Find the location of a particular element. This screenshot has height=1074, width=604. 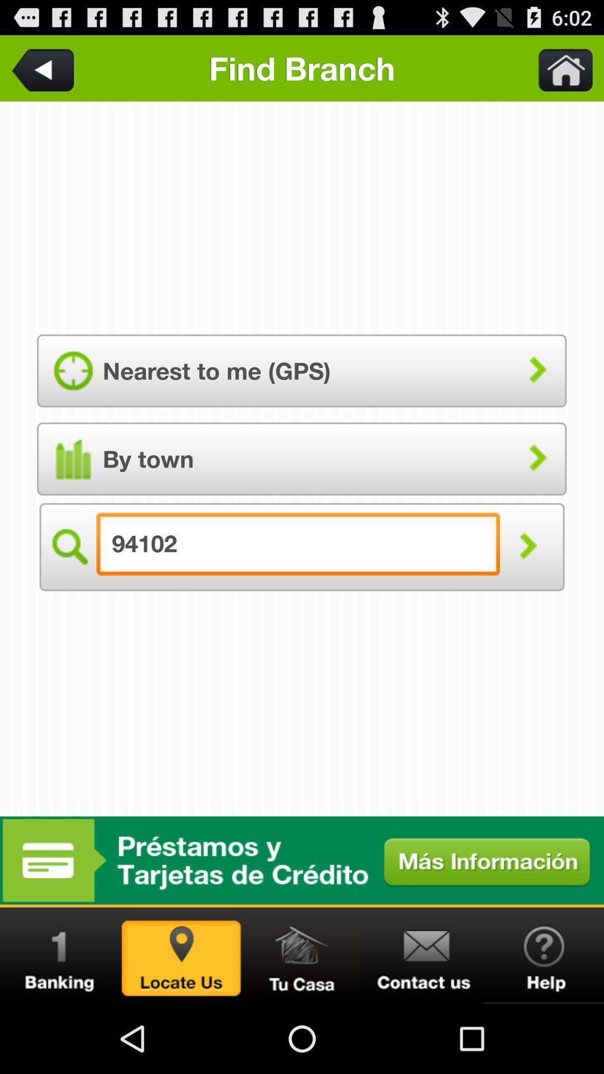

tap for more information is located at coordinates (302, 860).